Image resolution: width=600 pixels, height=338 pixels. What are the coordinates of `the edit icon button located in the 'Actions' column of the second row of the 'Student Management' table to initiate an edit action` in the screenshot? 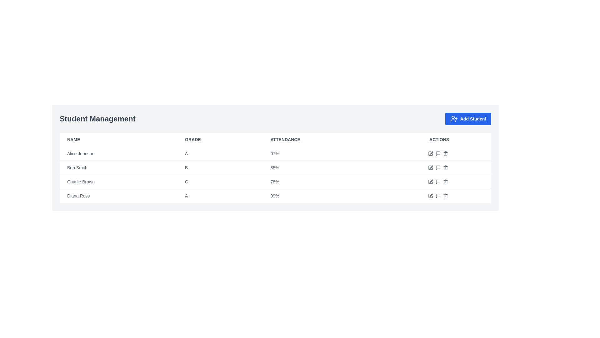 It's located at (430, 167).